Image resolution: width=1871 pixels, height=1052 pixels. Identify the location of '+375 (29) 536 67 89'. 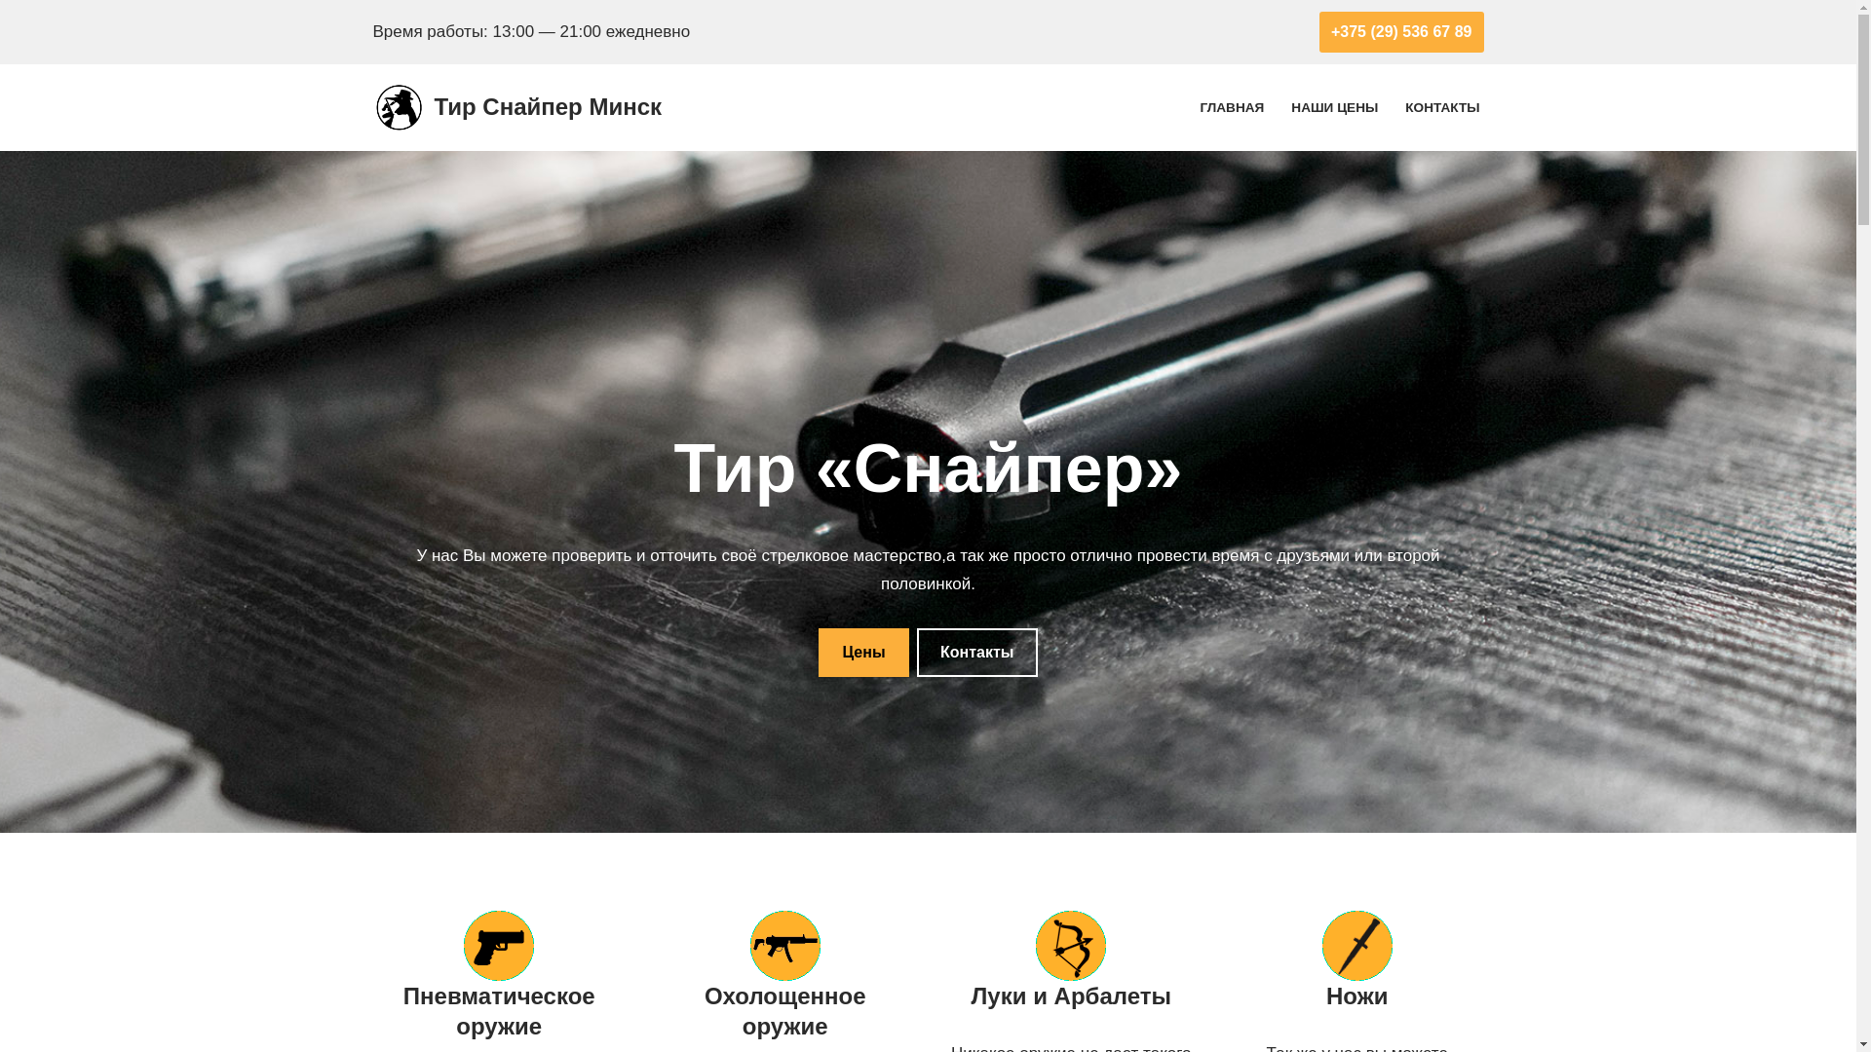
(1400, 32).